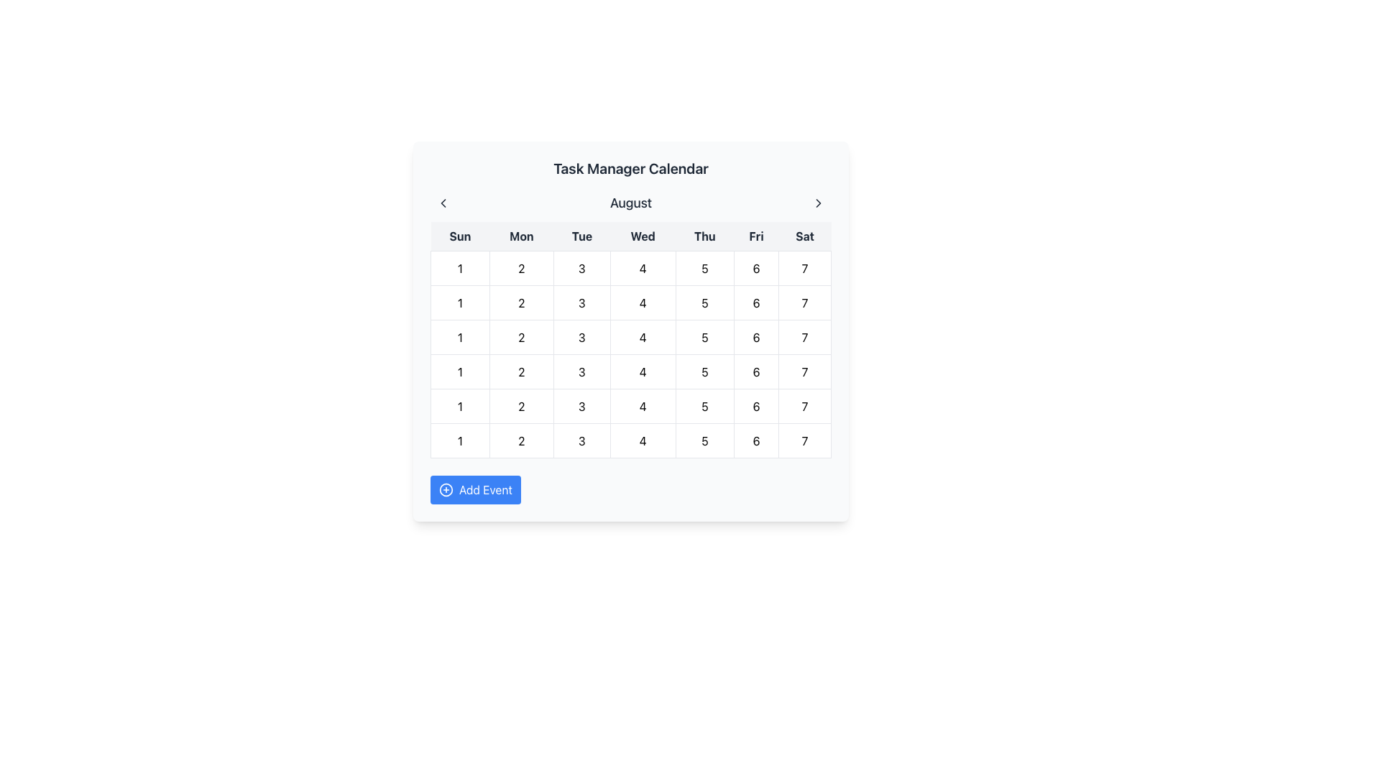 The height and width of the screenshot is (776, 1380). What do you see at coordinates (642, 268) in the screenshot?
I see `the calendar cell representing a specific date under the 'Wed' column header in the second row` at bounding box center [642, 268].